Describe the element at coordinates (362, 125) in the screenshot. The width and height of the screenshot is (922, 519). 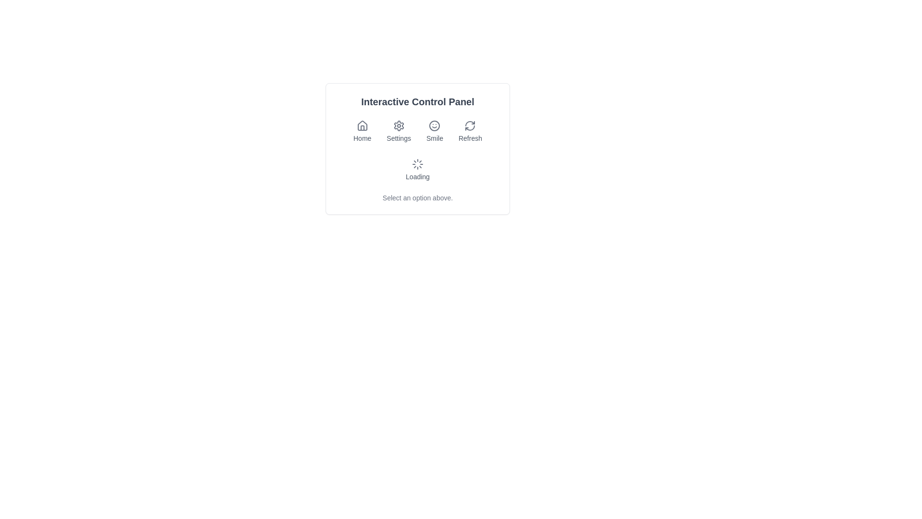
I see `the home icon` at that location.